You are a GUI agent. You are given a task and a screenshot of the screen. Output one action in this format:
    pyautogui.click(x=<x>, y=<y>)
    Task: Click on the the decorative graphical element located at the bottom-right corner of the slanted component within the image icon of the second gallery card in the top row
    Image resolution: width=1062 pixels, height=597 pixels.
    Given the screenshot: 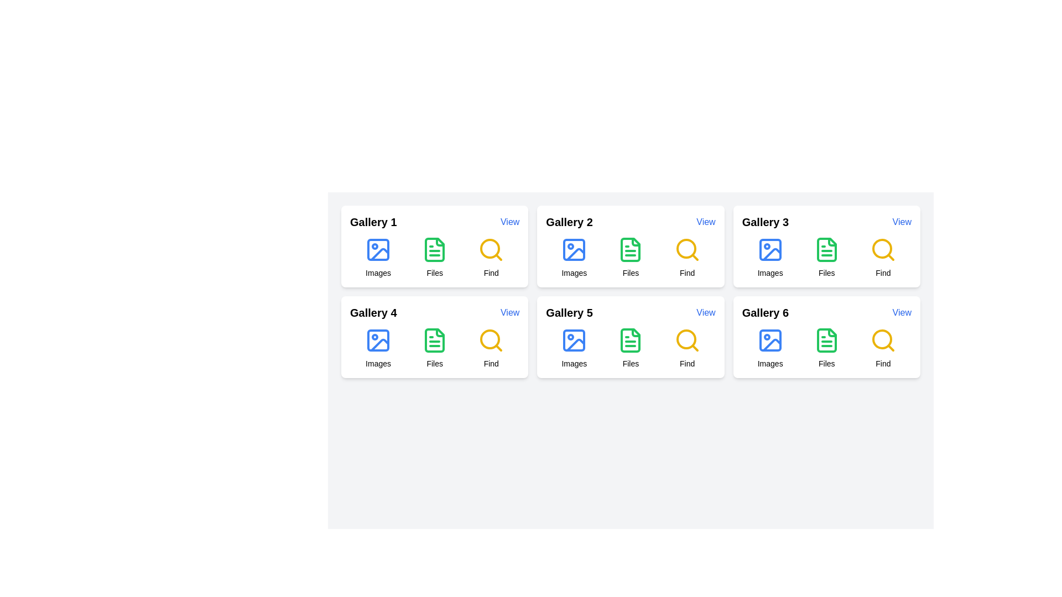 What is the action you would take?
    pyautogui.click(x=575, y=254)
    